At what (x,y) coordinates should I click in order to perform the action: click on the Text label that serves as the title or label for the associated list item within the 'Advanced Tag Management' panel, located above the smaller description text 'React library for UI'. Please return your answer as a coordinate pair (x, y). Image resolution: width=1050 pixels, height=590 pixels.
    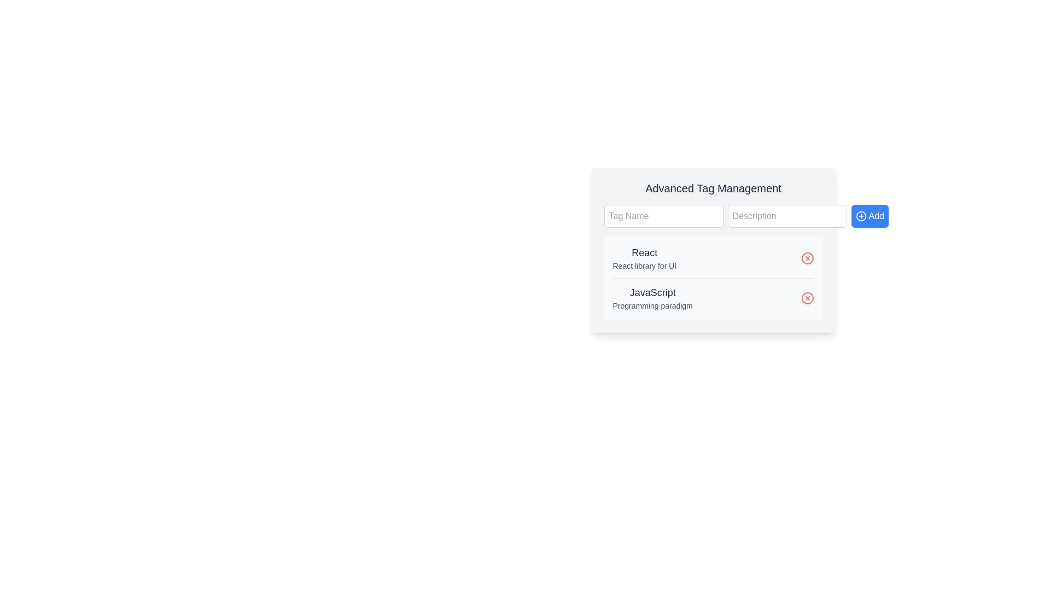
    Looking at the image, I should click on (644, 252).